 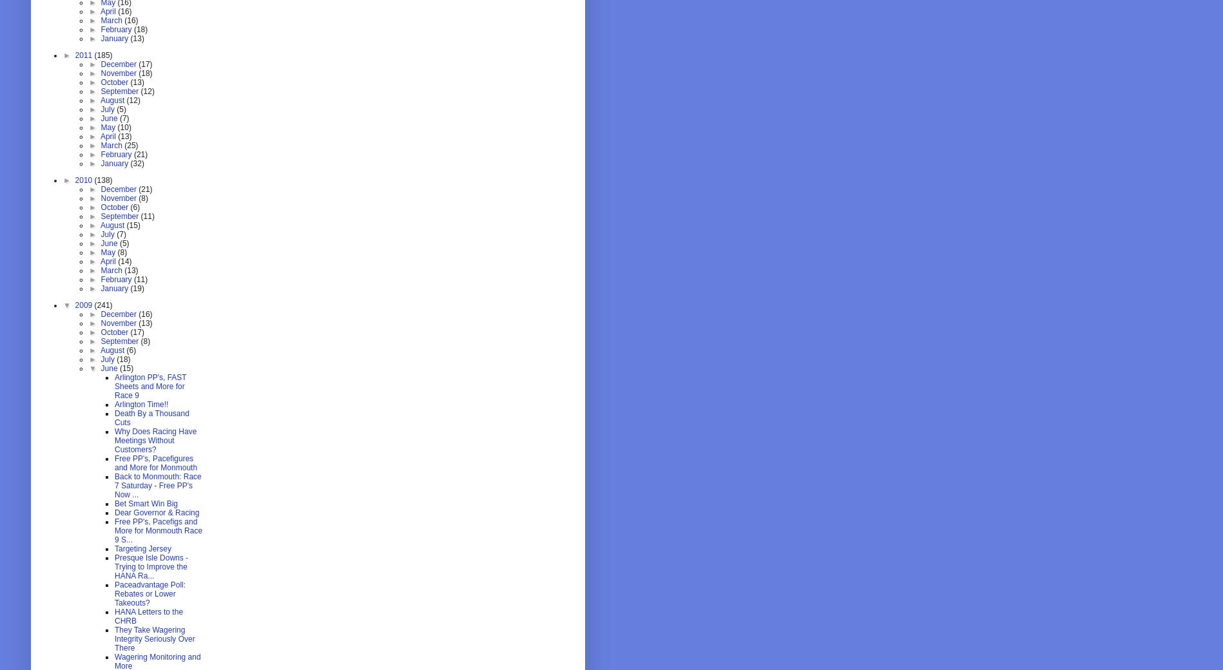 I want to click on '(10)', so click(x=123, y=128).